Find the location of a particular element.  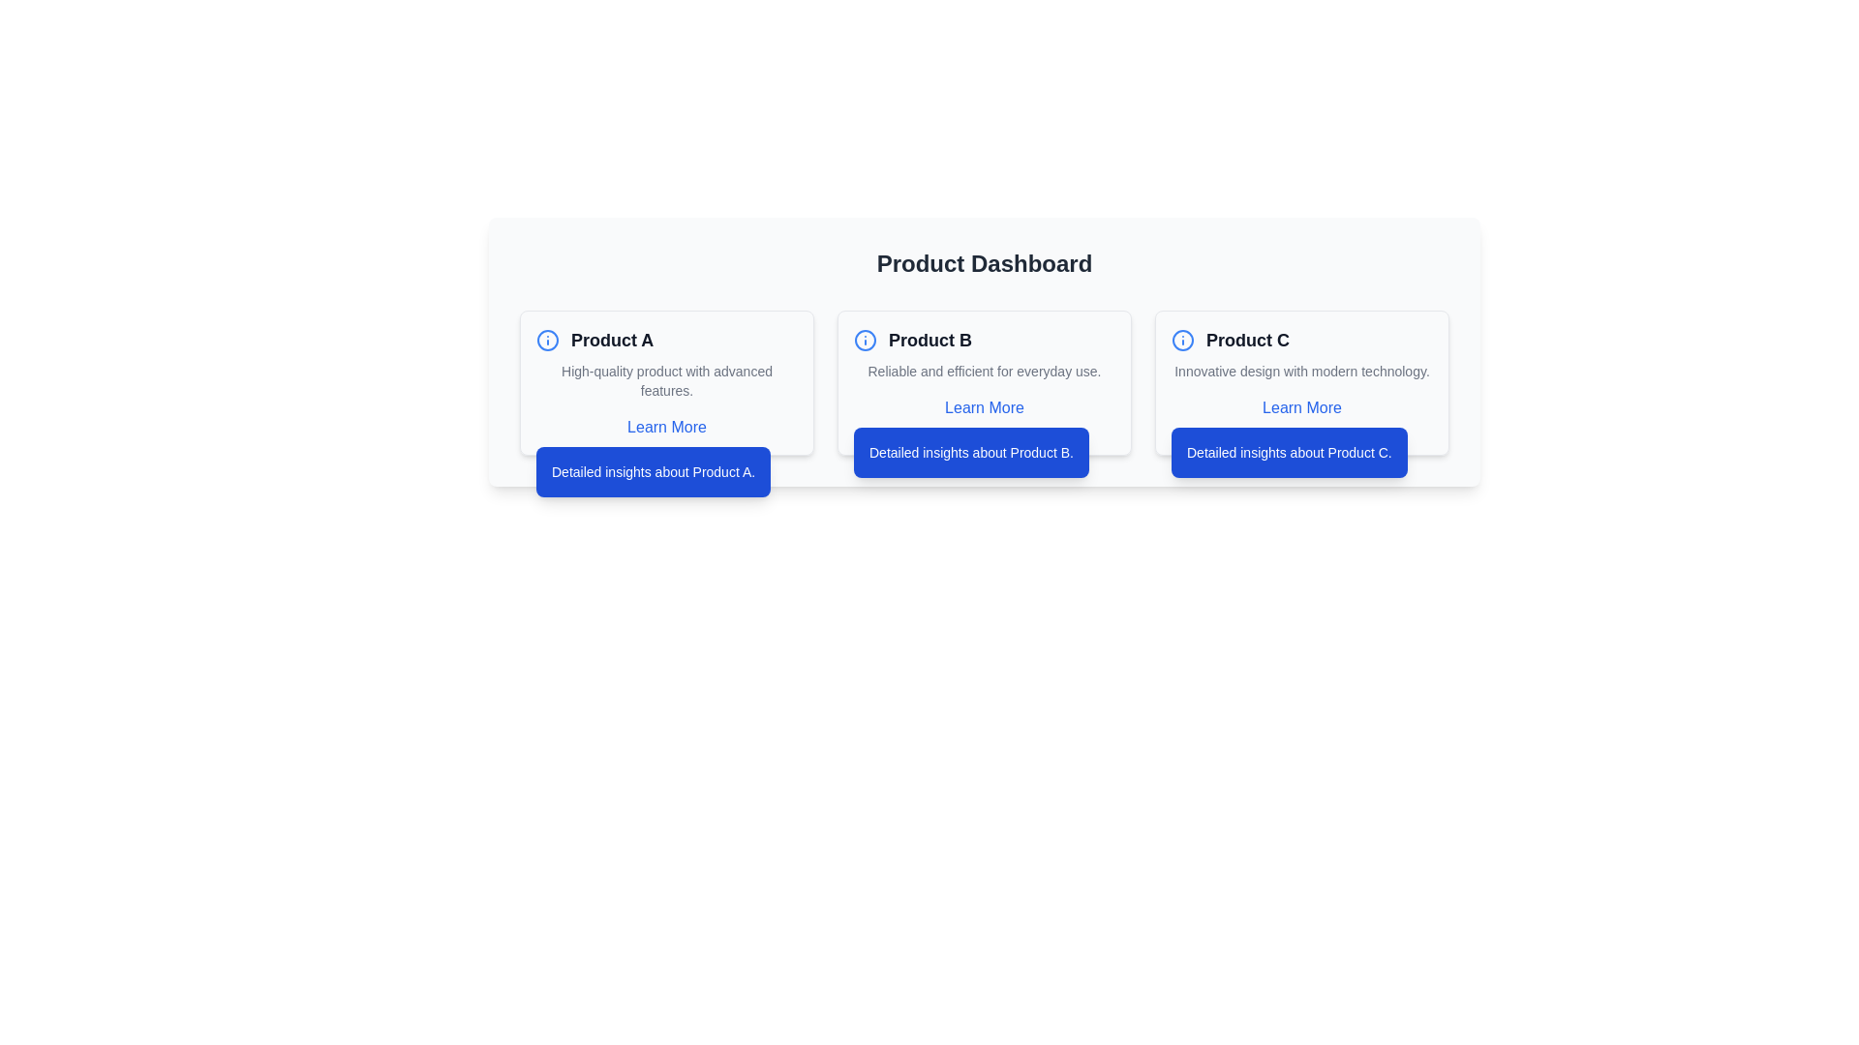

the information icon resembling an 'i' in a blue circular outline, located to the left of the heading 'Product A' is located at coordinates (547, 339).